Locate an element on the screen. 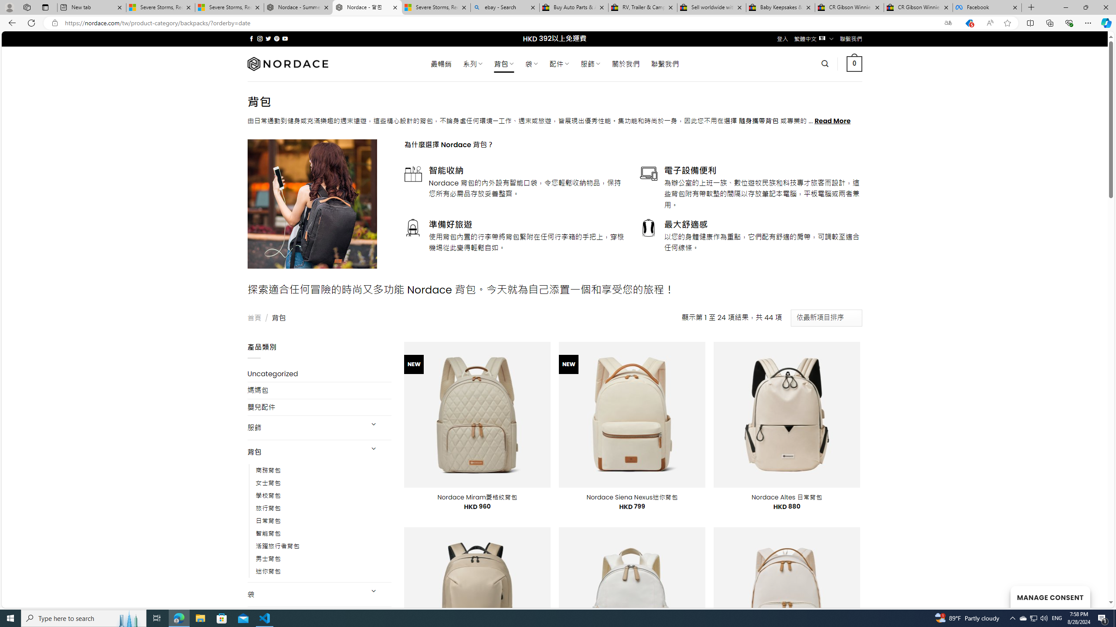  'RV, Trailer & Camper Steps & Ladders for sale | eBay' is located at coordinates (642, 7).